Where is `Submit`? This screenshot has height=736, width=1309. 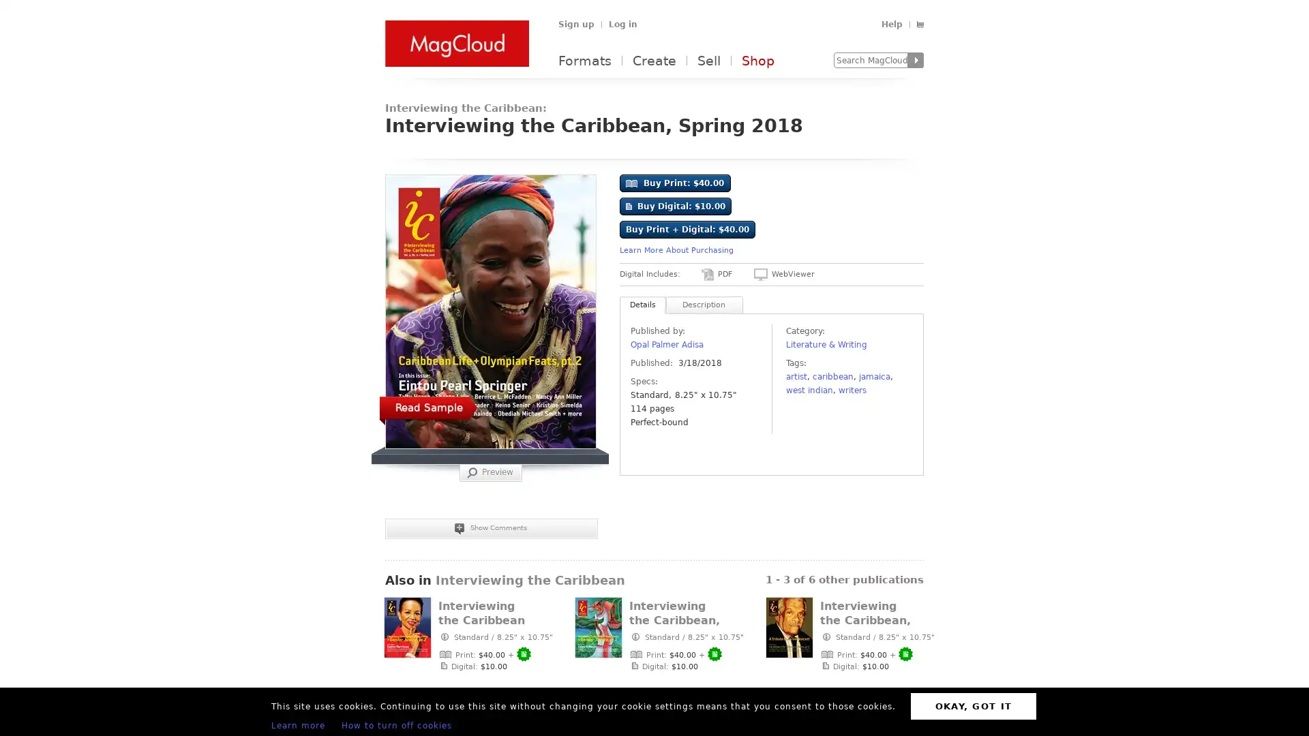
Submit is located at coordinates (916, 59).